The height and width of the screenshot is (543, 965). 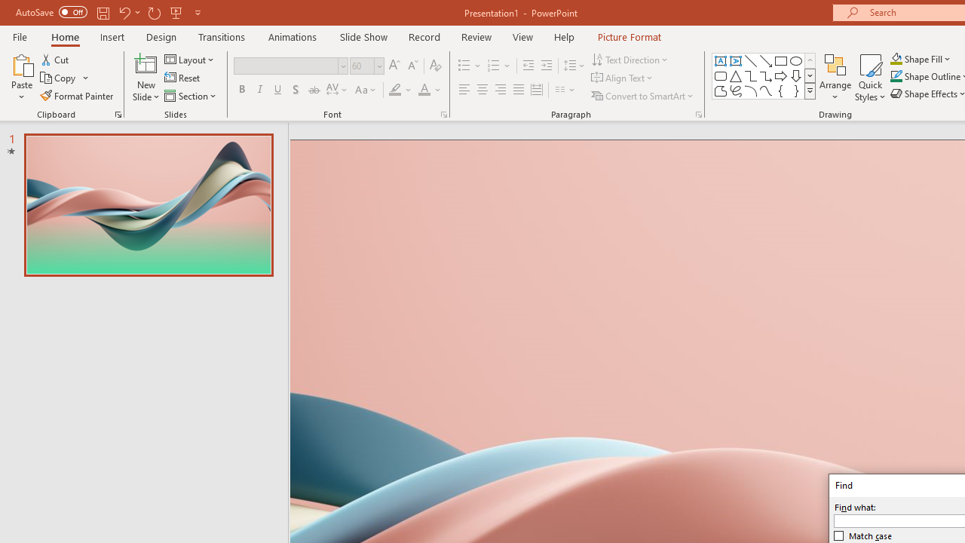 What do you see at coordinates (146, 63) in the screenshot?
I see `'New Slide'` at bounding box center [146, 63].